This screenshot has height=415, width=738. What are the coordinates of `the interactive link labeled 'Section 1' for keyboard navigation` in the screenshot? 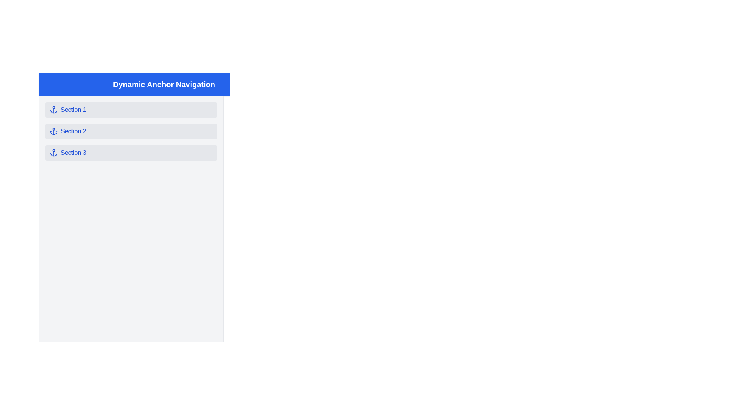 It's located at (131, 110).